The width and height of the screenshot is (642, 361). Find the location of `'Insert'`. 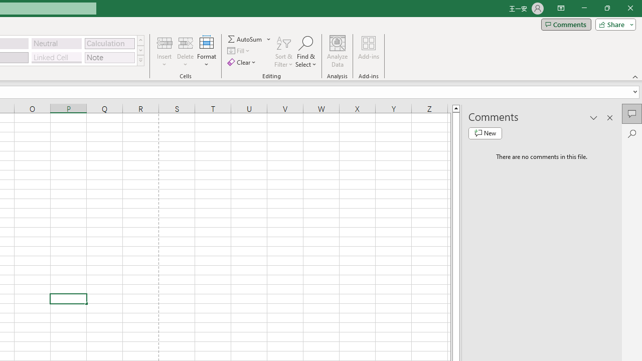

'Insert' is located at coordinates (165, 52).